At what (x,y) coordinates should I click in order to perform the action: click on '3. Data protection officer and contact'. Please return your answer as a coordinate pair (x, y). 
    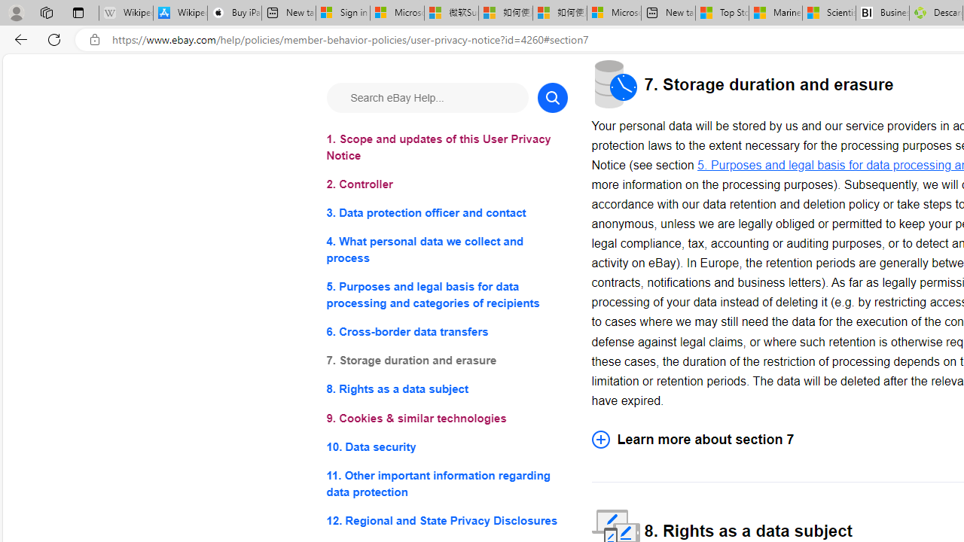
    Looking at the image, I should click on (446, 213).